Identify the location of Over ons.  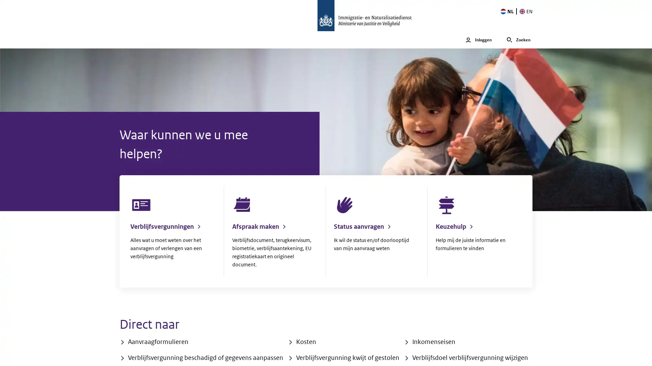
(264, 40).